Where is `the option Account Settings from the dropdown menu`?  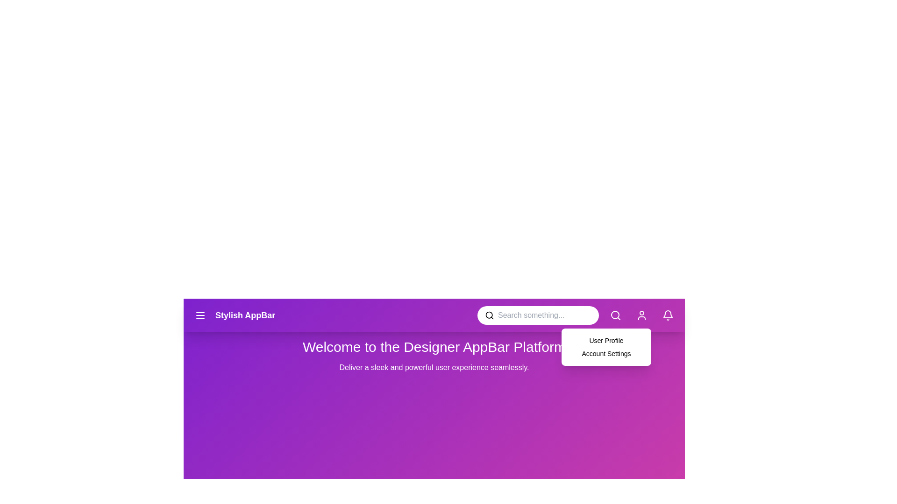 the option Account Settings from the dropdown menu is located at coordinates (569, 354).